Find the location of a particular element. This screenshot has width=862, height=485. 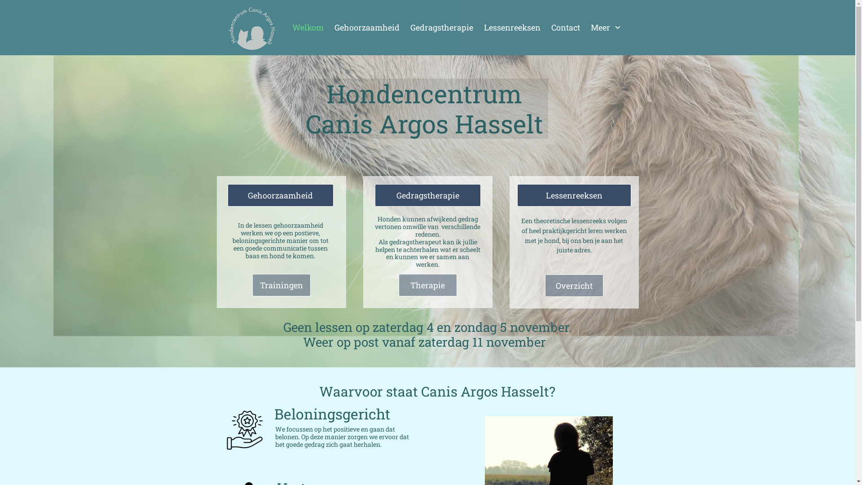

'Gehoorzaamheid' is located at coordinates (366, 27).